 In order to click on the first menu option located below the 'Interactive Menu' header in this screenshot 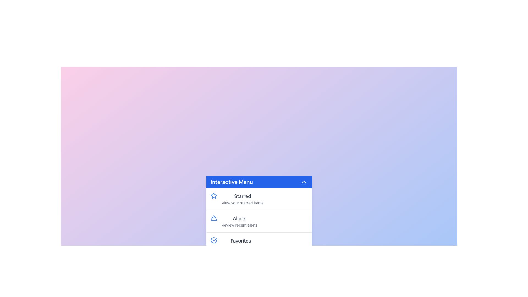, I will do `click(258, 199)`.